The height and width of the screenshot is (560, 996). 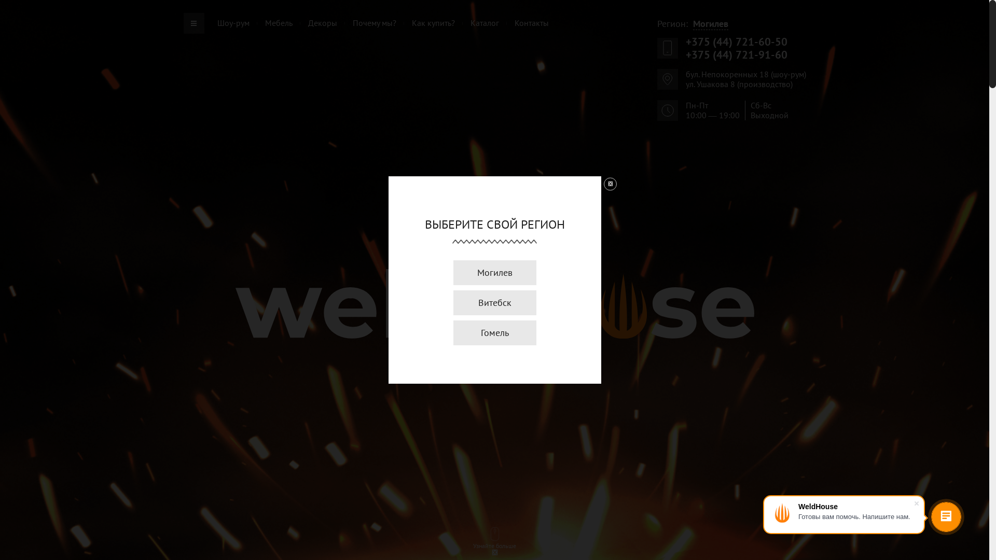 What do you see at coordinates (736, 41) in the screenshot?
I see `'+375 (44) 721-60-50'` at bounding box center [736, 41].